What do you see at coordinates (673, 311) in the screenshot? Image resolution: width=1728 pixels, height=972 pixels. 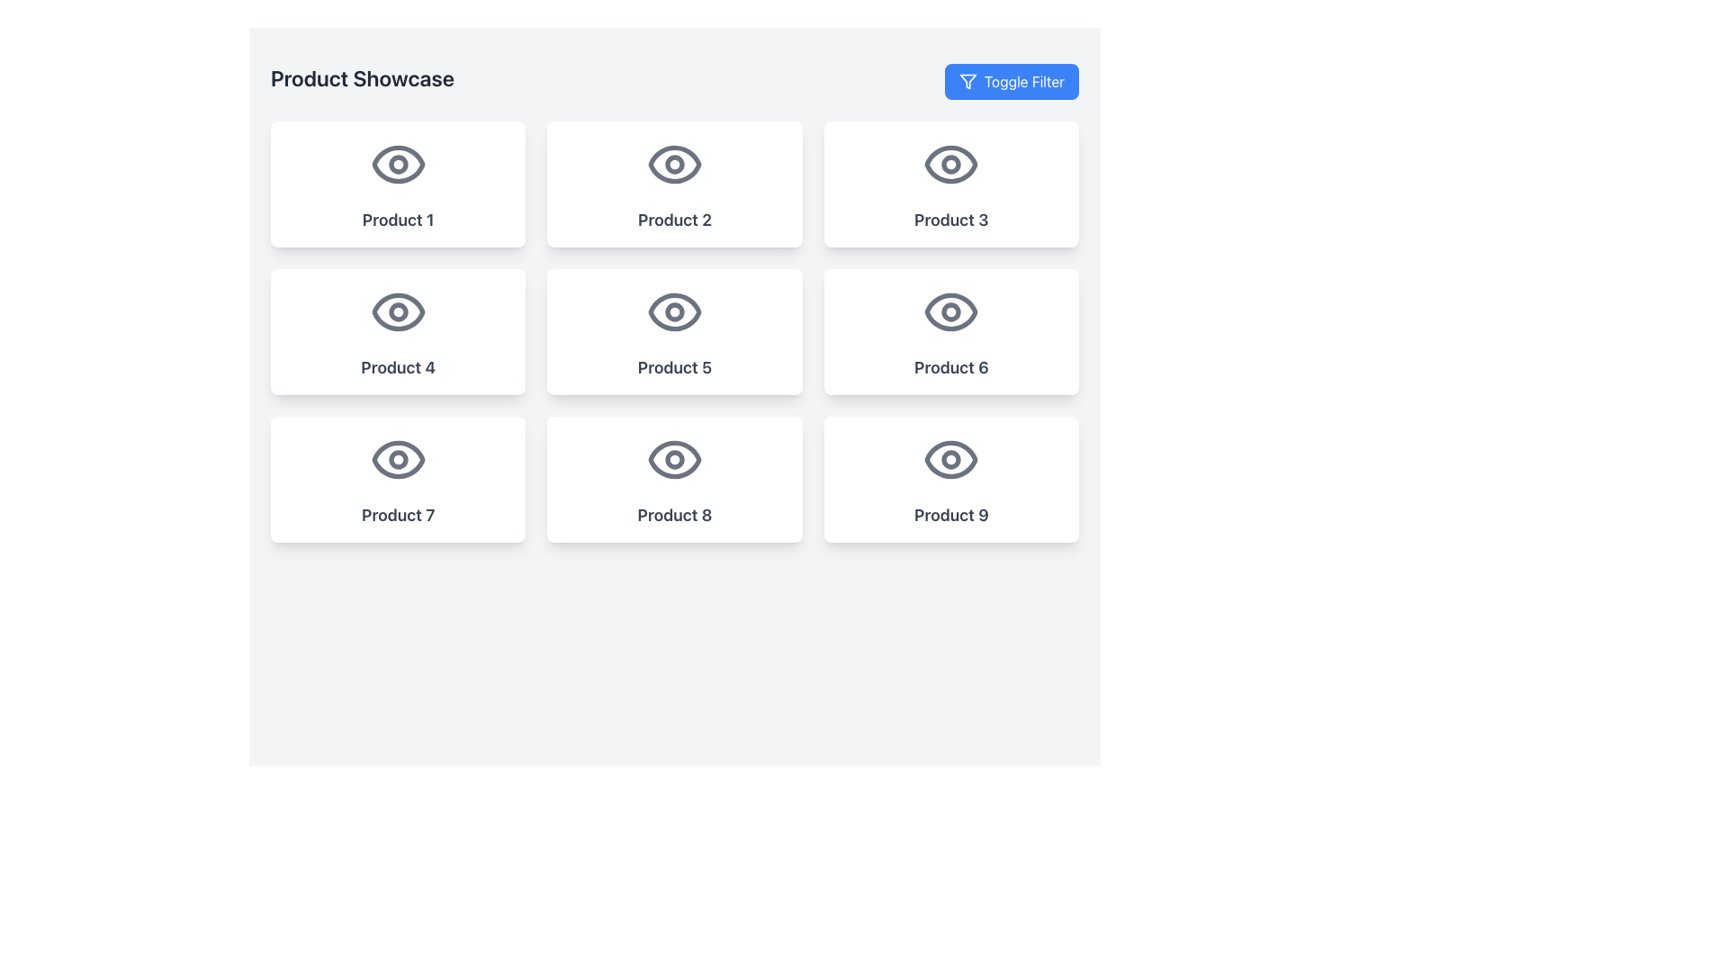 I see `the circle representing the pupil in the central 'eye' icon of the 'Product 5' card, located in the center of the second row of the grid layout` at bounding box center [673, 311].